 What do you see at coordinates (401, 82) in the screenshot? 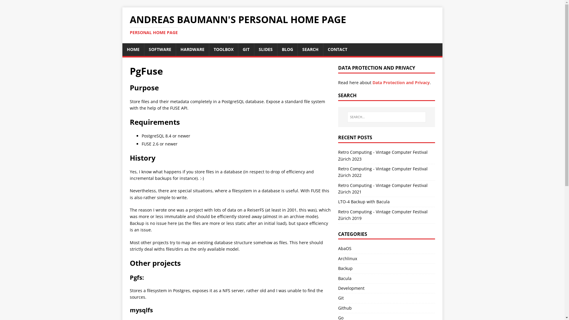
I see `'Data Protection and Privacy'` at bounding box center [401, 82].